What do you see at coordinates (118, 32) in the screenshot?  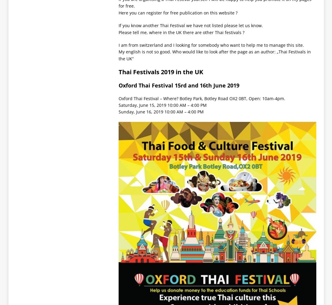 I see `'Please tell me, where in the UK there are other Thai festivals ?'` at bounding box center [118, 32].